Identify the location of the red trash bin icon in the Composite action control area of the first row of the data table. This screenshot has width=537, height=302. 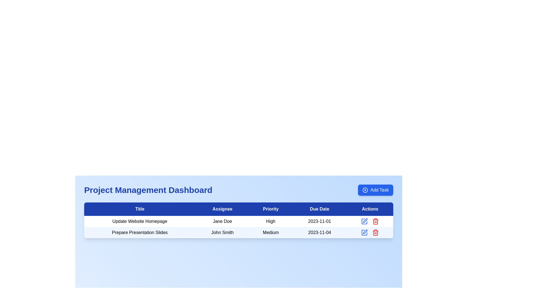
(370, 221).